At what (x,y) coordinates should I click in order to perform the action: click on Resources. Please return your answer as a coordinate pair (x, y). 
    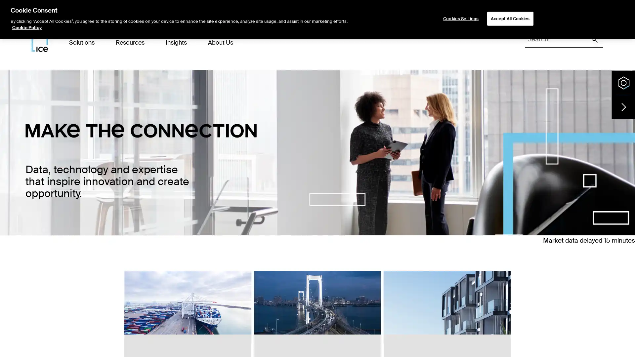
    Looking at the image, I should click on (130, 43).